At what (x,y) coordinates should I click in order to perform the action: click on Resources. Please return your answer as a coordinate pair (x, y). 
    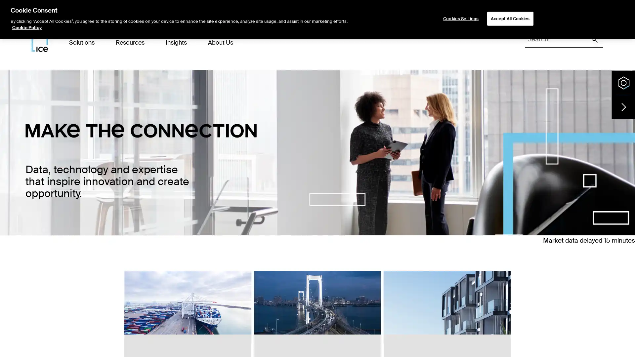
    Looking at the image, I should click on (130, 43).